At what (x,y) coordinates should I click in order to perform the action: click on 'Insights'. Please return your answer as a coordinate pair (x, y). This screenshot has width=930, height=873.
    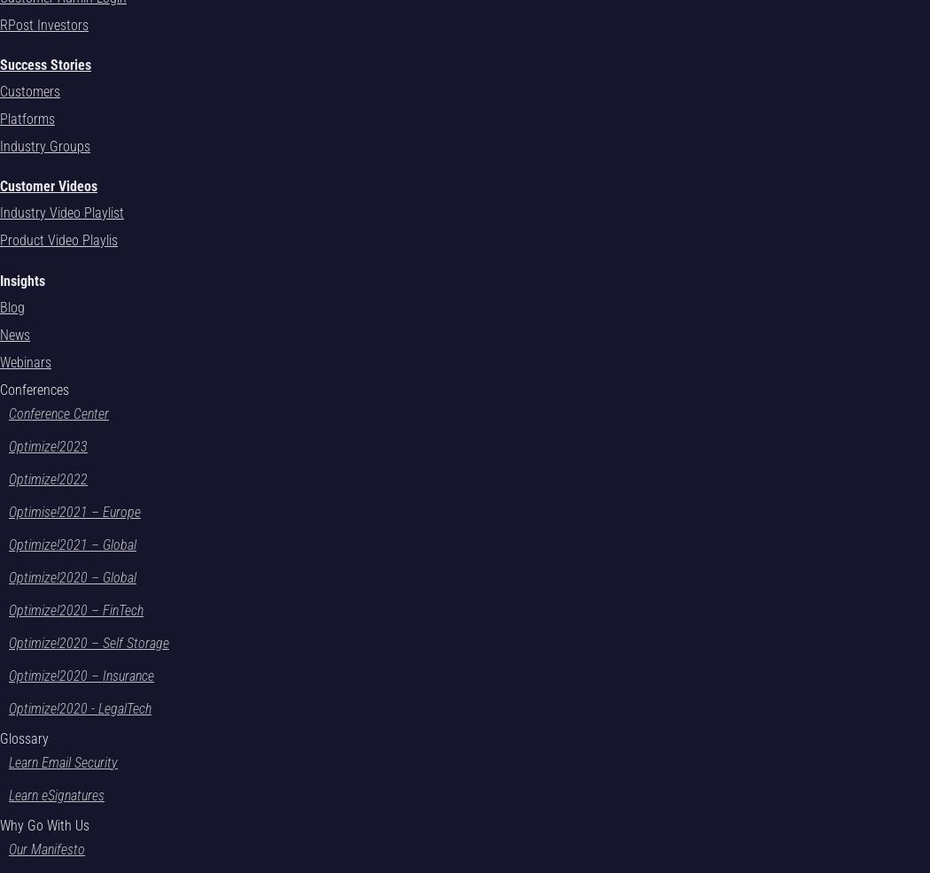
    Looking at the image, I should click on (22, 280).